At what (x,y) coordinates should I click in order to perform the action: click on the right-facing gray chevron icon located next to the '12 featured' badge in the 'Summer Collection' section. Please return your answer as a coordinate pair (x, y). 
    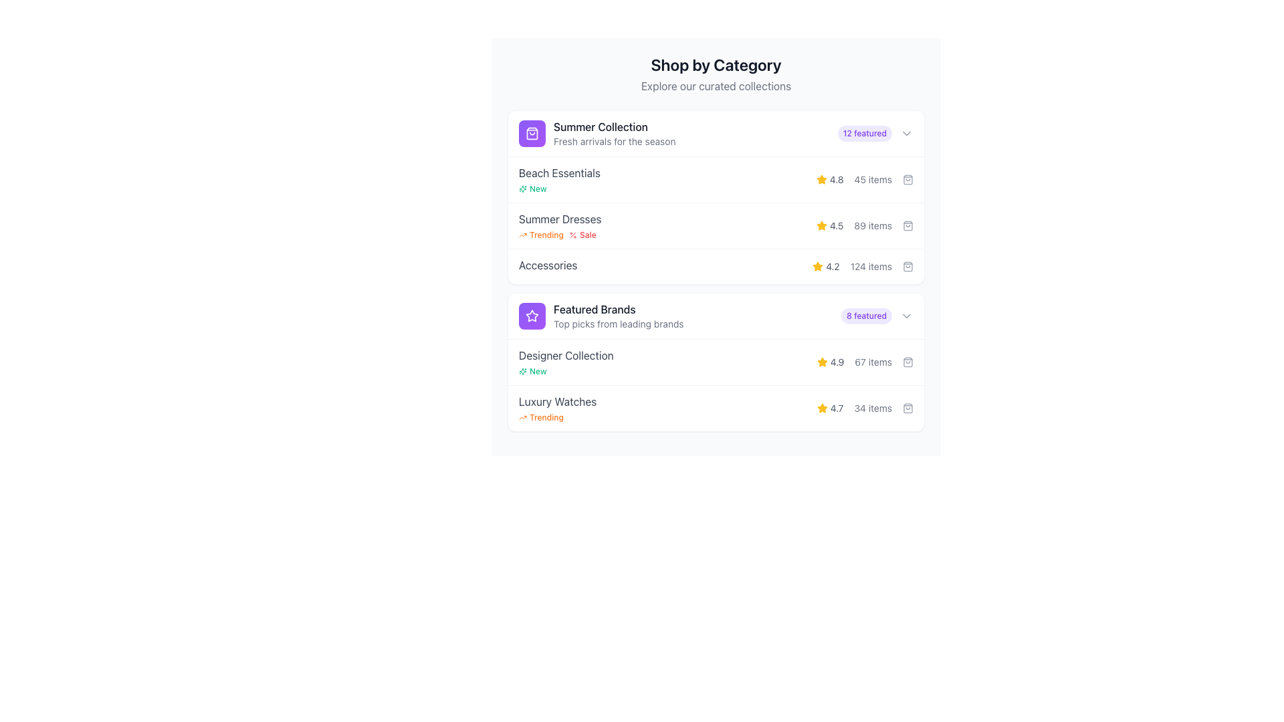
    Looking at the image, I should click on (907, 134).